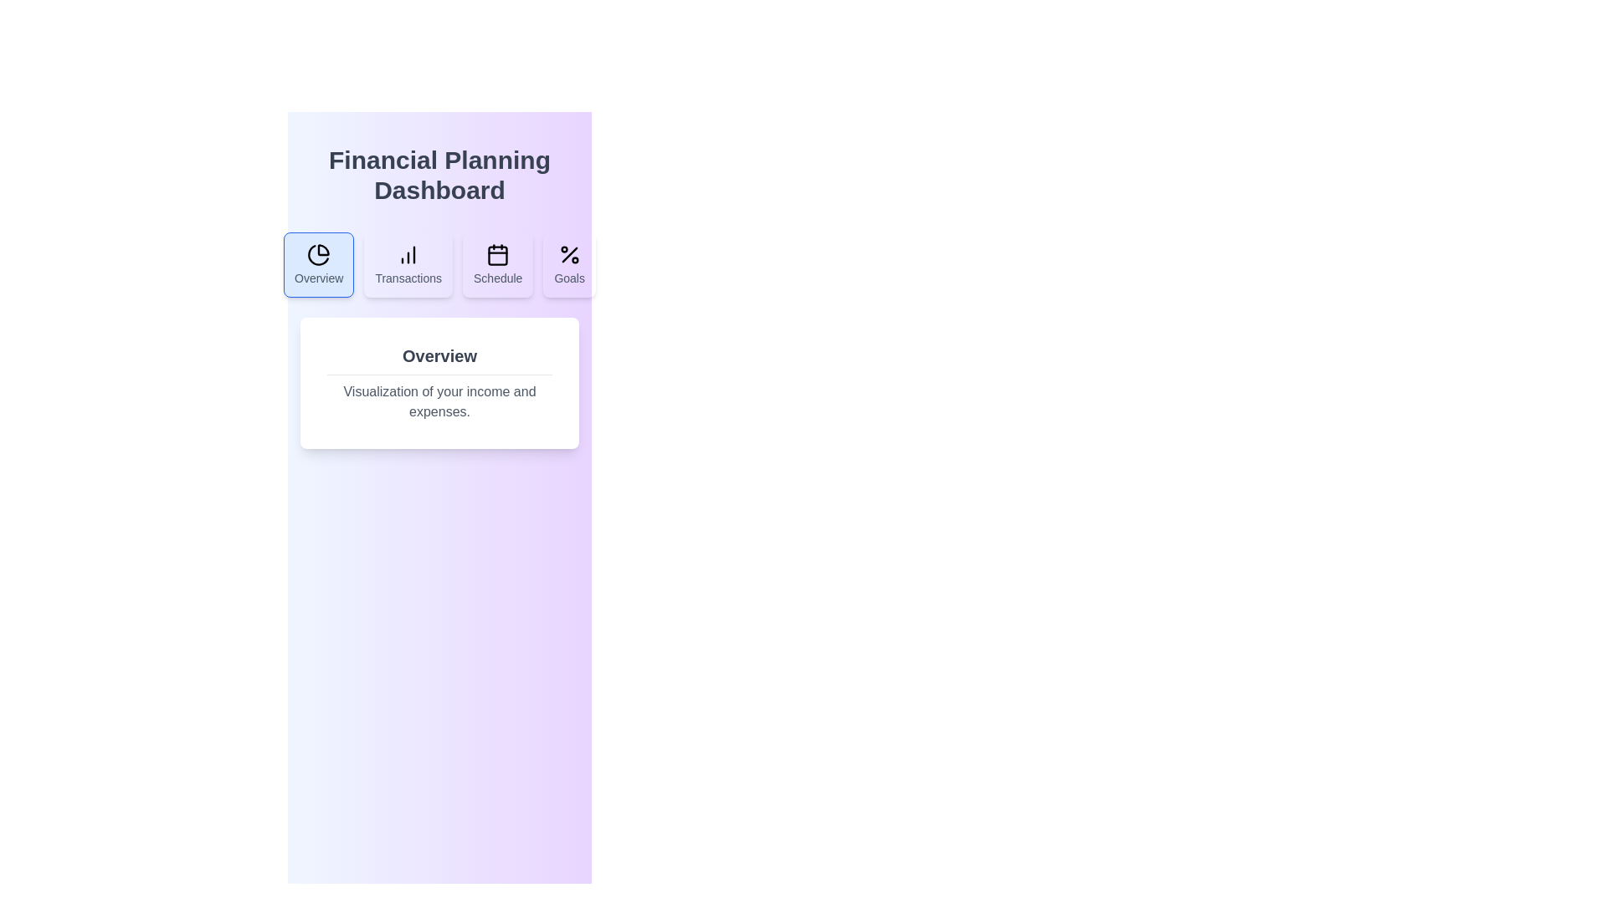  Describe the element at coordinates (319, 263) in the screenshot. I see `the navigation button that directs users to the 'Overview' section, which is the first item in a horizontal list located near the top of the interface` at that location.